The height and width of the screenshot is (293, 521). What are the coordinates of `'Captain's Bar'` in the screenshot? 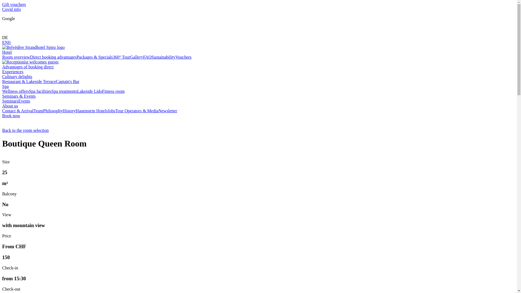 It's located at (56, 81).